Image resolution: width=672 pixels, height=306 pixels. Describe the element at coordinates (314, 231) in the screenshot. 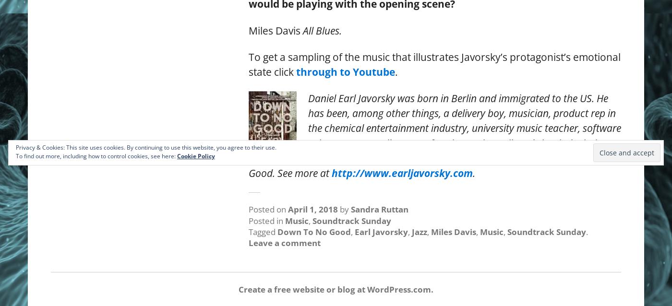

I see `'Down To No Good'` at that location.